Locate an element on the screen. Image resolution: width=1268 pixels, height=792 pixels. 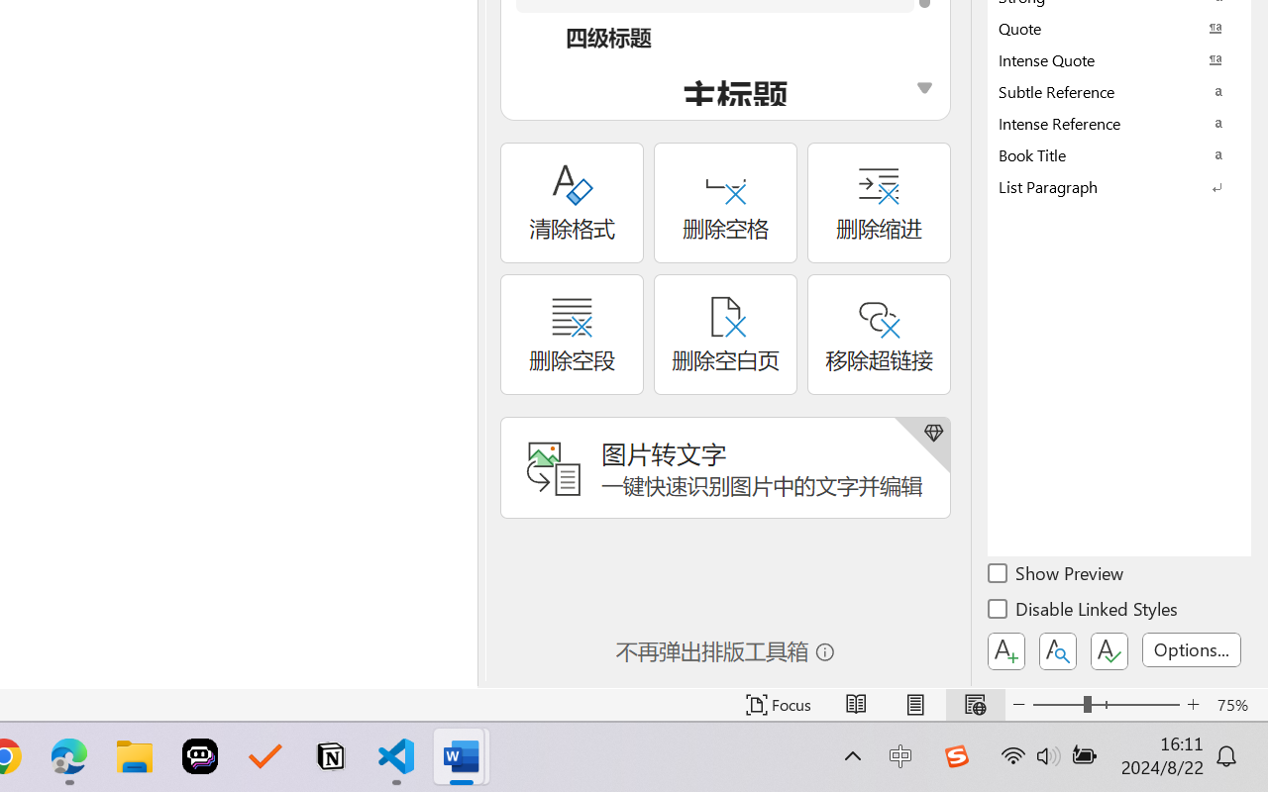
'Show Preview' is located at coordinates (1056, 575).